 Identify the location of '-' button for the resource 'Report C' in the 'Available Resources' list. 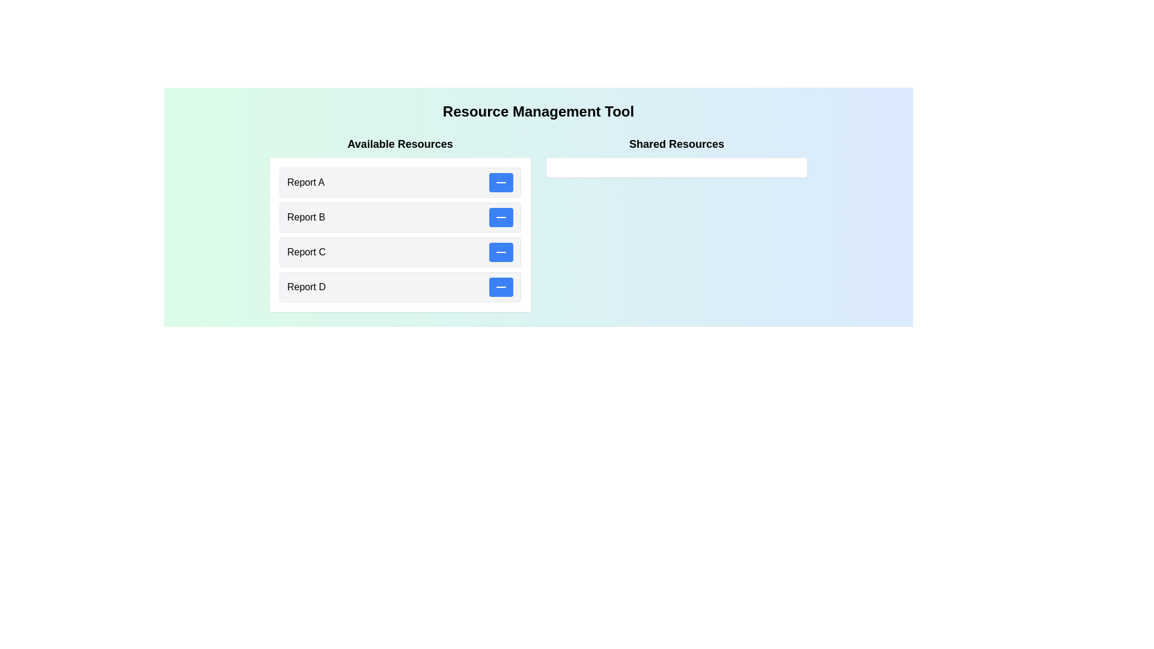
(501, 252).